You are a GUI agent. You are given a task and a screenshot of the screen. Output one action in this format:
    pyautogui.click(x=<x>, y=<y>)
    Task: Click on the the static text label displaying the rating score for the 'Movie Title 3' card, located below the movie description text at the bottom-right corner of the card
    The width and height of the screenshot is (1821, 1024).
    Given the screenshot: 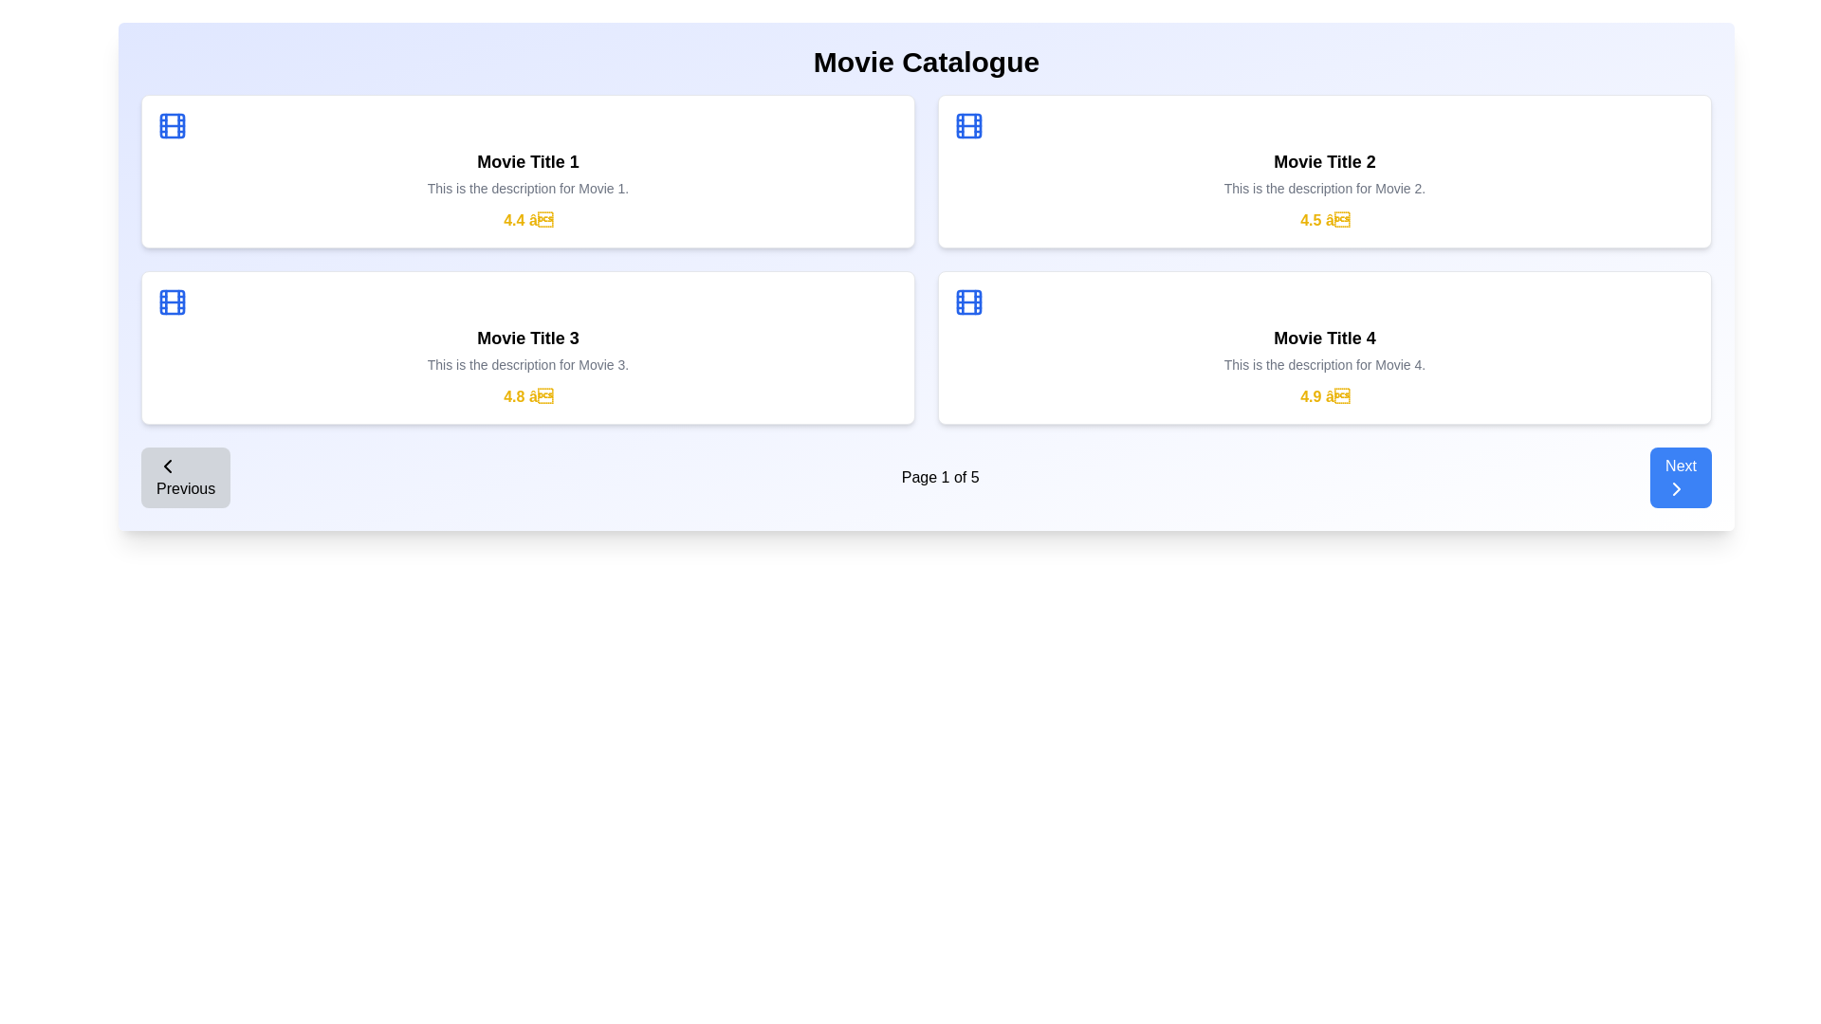 What is the action you would take?
    pyautogui.click(x=527, y=394)
    